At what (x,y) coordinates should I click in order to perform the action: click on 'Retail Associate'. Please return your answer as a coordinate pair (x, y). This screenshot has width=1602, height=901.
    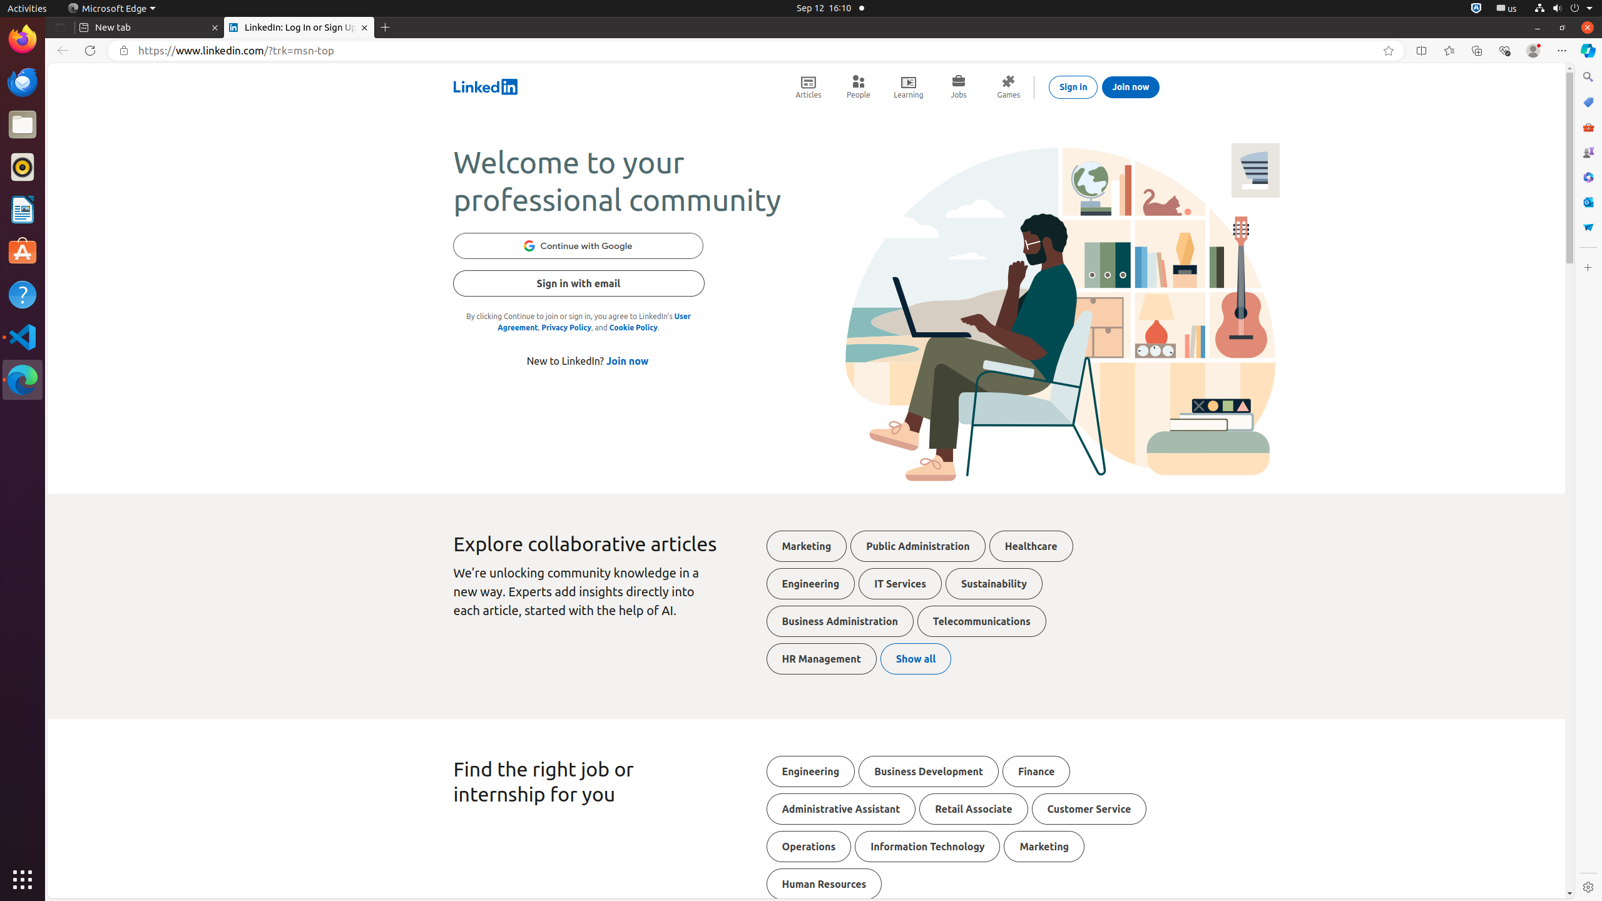
    Looking at the image, I should click on (972, 808).